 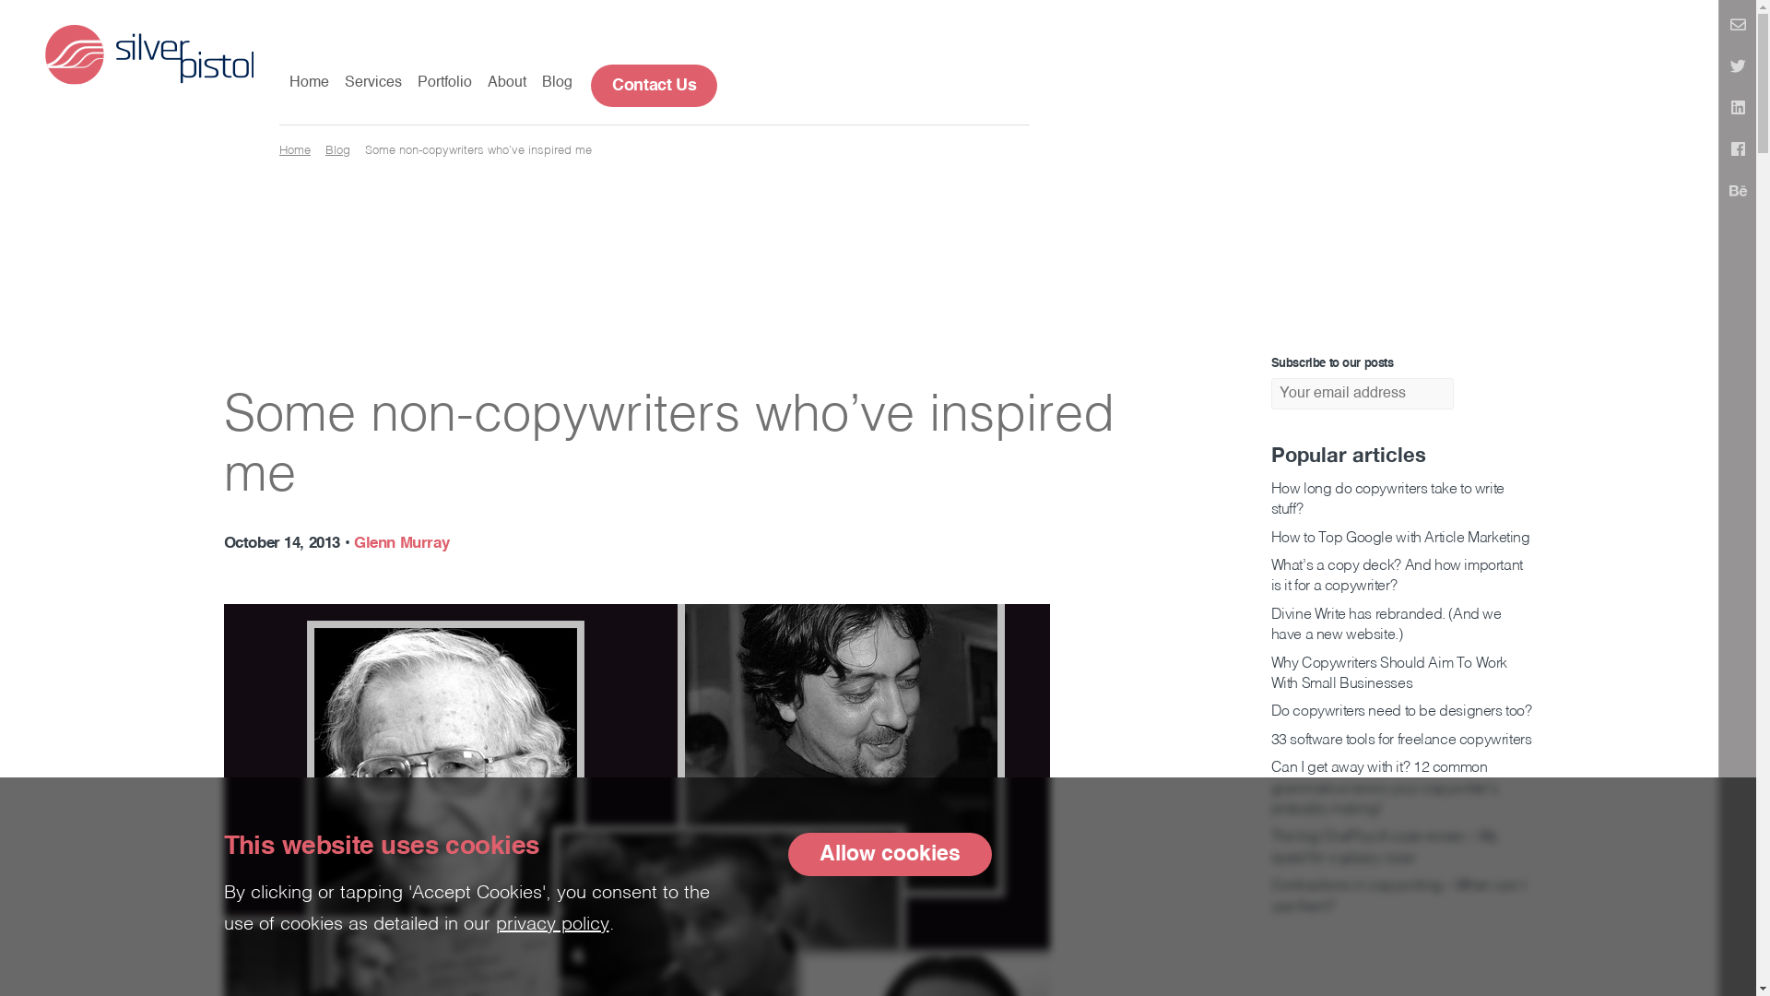 What do you see at coordinates (345, 84) in the screenshot?
I see `'Services'` at bounding box center [345, 84].